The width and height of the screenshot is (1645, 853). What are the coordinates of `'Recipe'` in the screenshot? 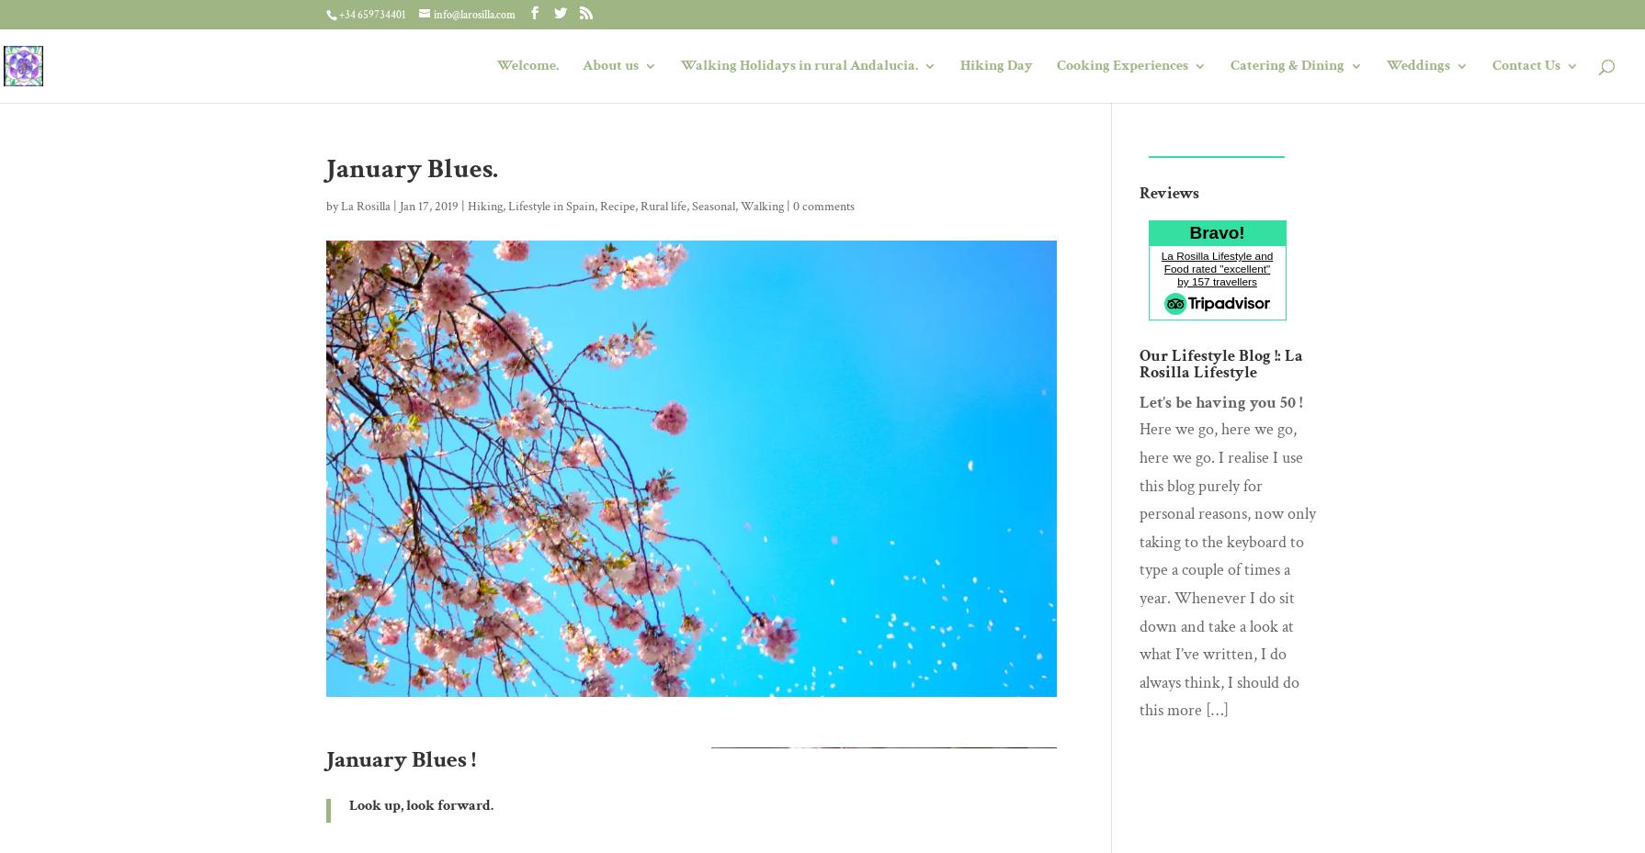 It's located at (598, 206).